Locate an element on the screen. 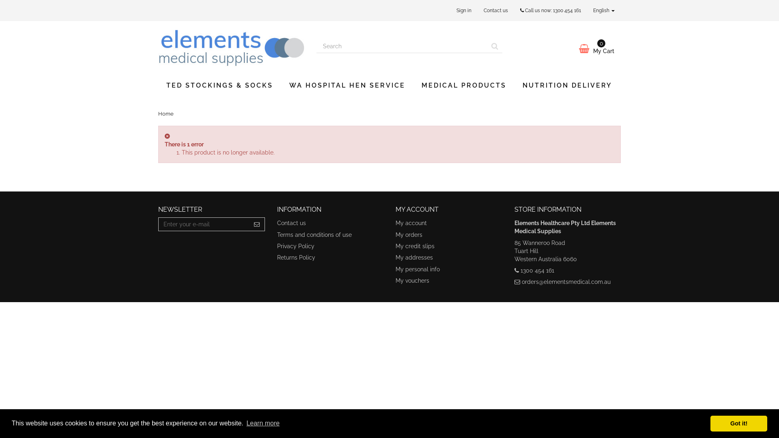  'My orders' is located at coordinates (409, 234).